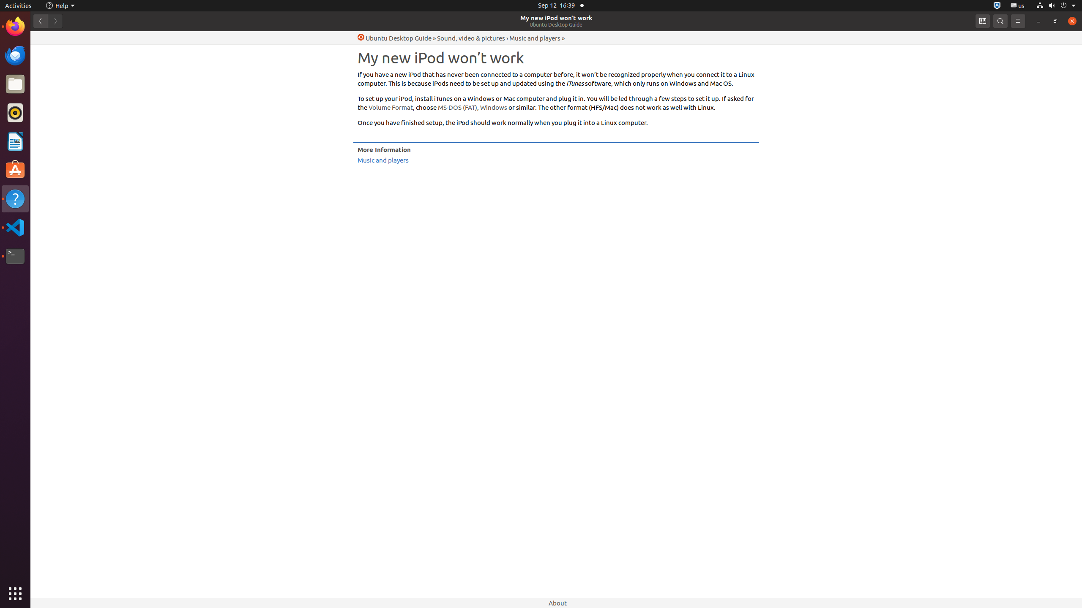 The width and height of the screenshot is (1082, 608). What do you see at coordinates (1055, 21) in the screenshot?
I see `'Restore'` at bounding box center [1055, 21].